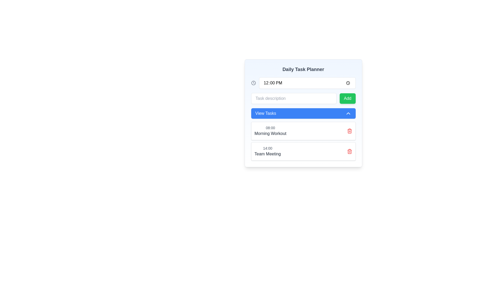 The image size is (504, 283). I want to click on on the scheduled task entry text label that displays the time and title, located above the trash icon within its task card, so click(270, 131).